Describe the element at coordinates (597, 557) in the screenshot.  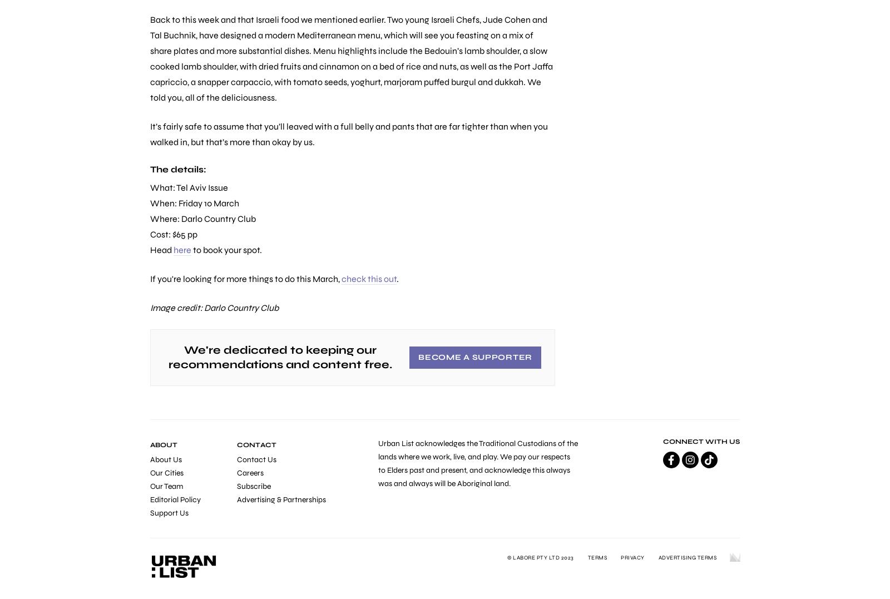
I see `'Terms'` at that location.